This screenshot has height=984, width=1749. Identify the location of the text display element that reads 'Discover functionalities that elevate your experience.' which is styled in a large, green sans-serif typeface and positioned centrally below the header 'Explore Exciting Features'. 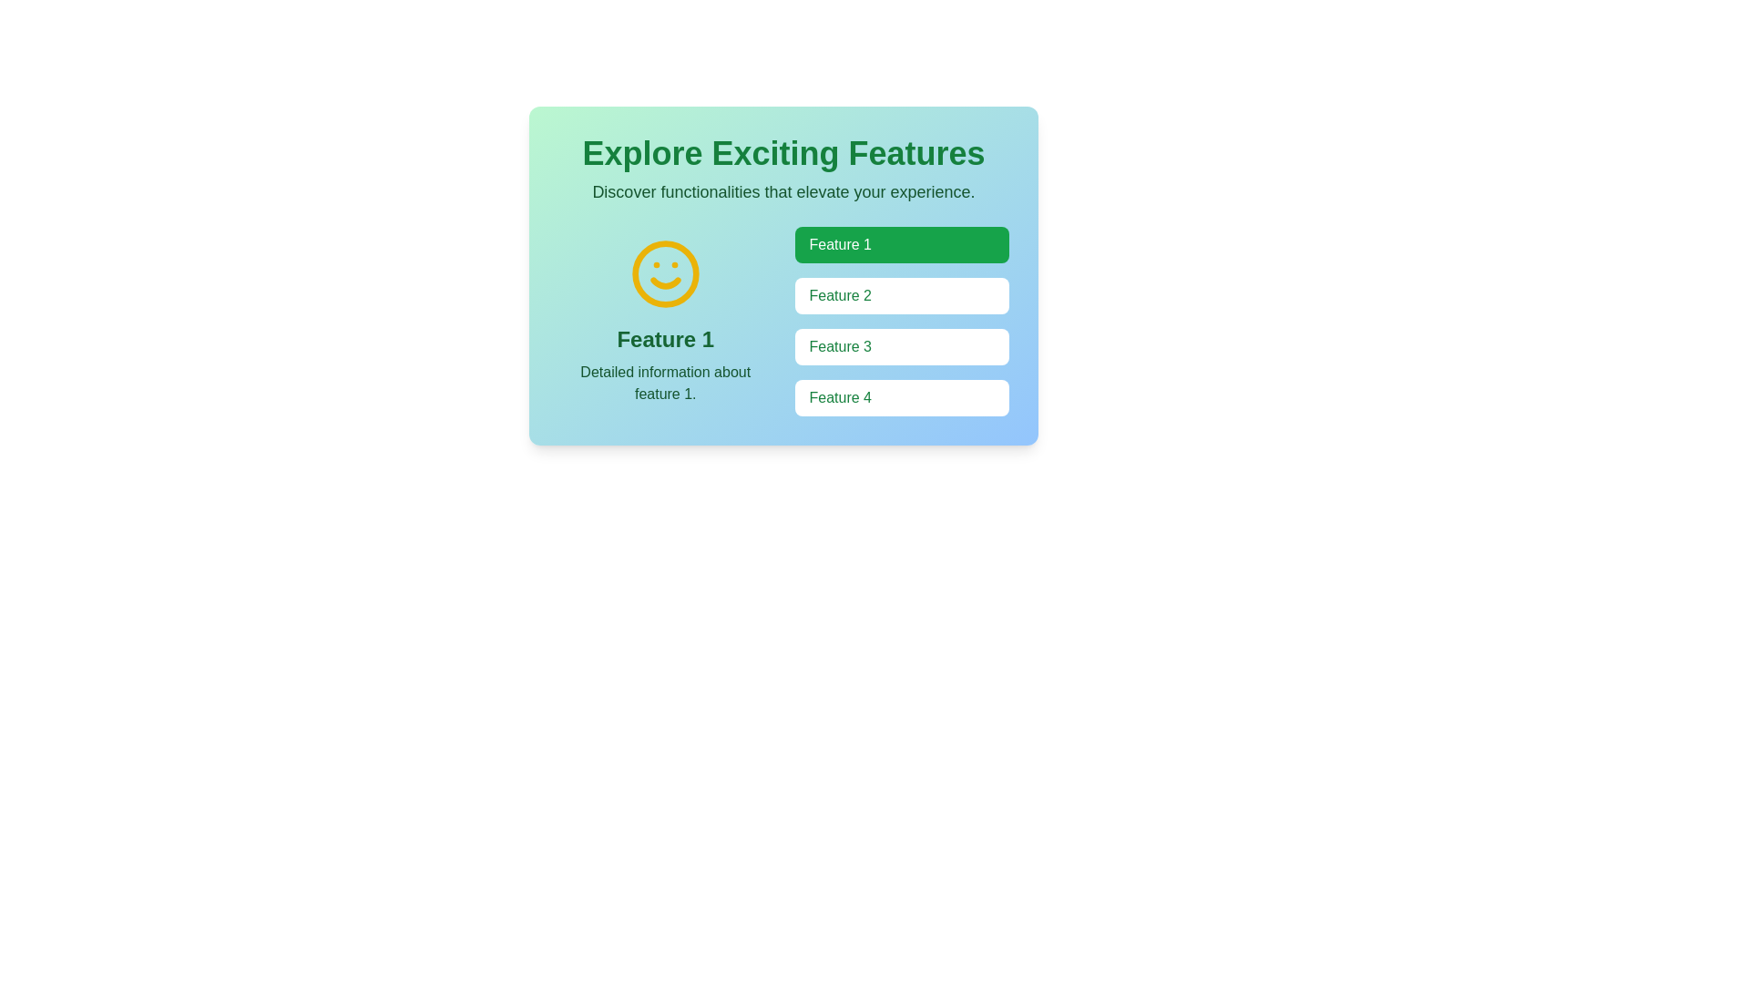
(783, 192).